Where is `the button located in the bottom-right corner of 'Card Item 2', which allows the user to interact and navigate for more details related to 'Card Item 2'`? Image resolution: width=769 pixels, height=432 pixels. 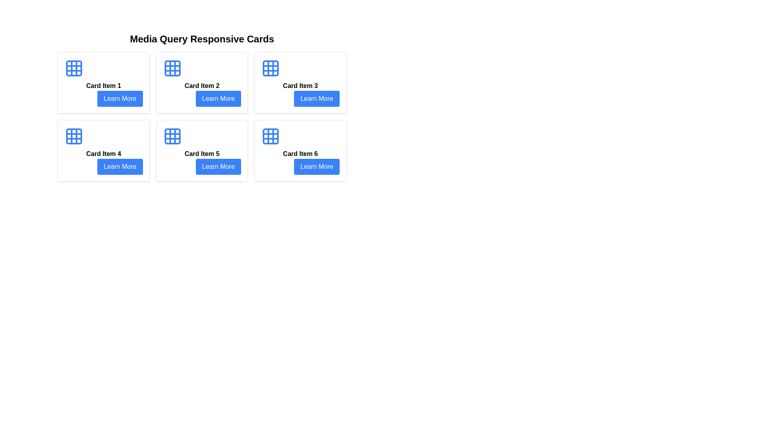 the button located in the bottom-right corner of 'Card Item 2', which allows the user to interact and navigate for more details related to 'Card Item 2' is located at coordinates (218, 98).